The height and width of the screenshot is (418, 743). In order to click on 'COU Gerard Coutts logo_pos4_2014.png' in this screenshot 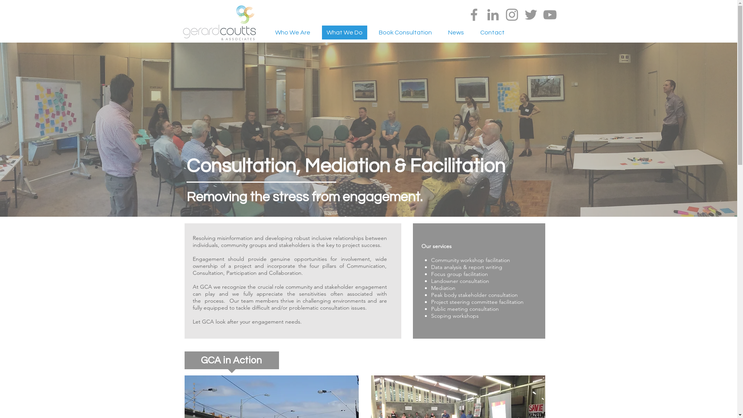, I will do `click(219, 22)`.